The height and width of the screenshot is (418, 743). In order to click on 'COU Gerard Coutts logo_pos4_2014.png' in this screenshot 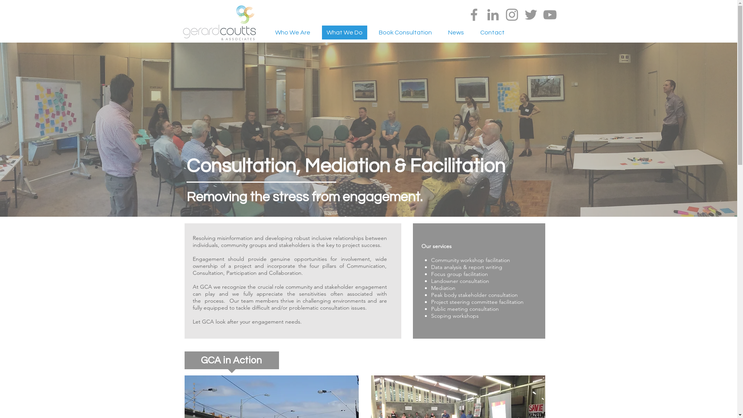, I will do `click(219, 22)`.